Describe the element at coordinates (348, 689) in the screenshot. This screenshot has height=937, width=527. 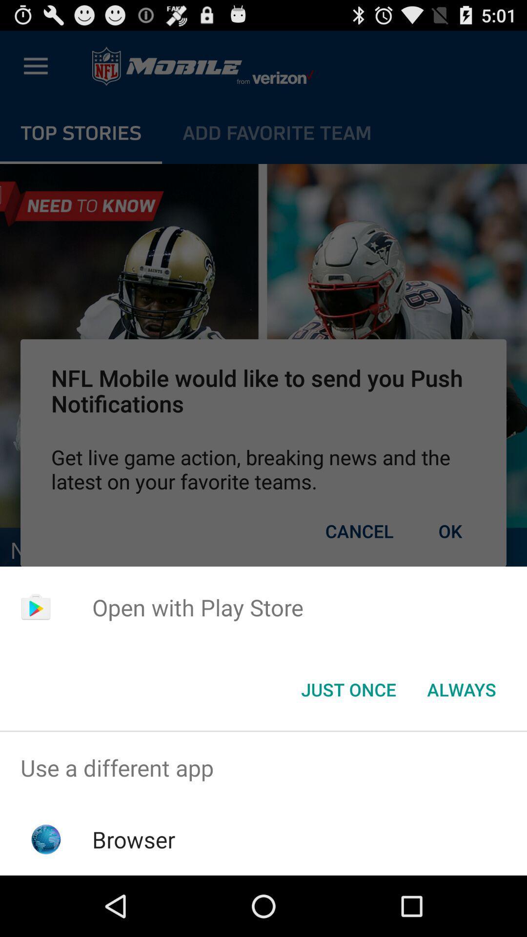
I see `the app below the open with play` at that location.